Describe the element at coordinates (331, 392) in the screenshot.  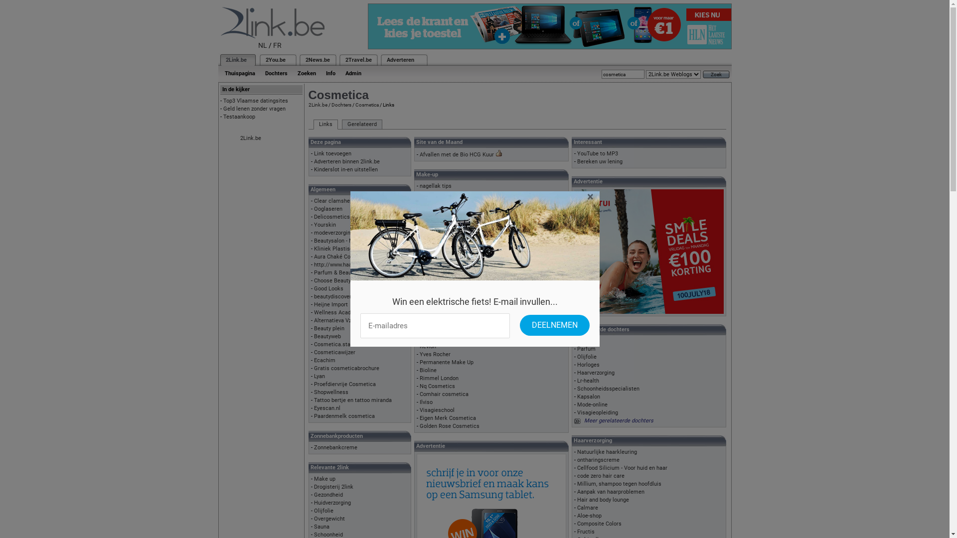
I see `'Shopwellness'` at that location.